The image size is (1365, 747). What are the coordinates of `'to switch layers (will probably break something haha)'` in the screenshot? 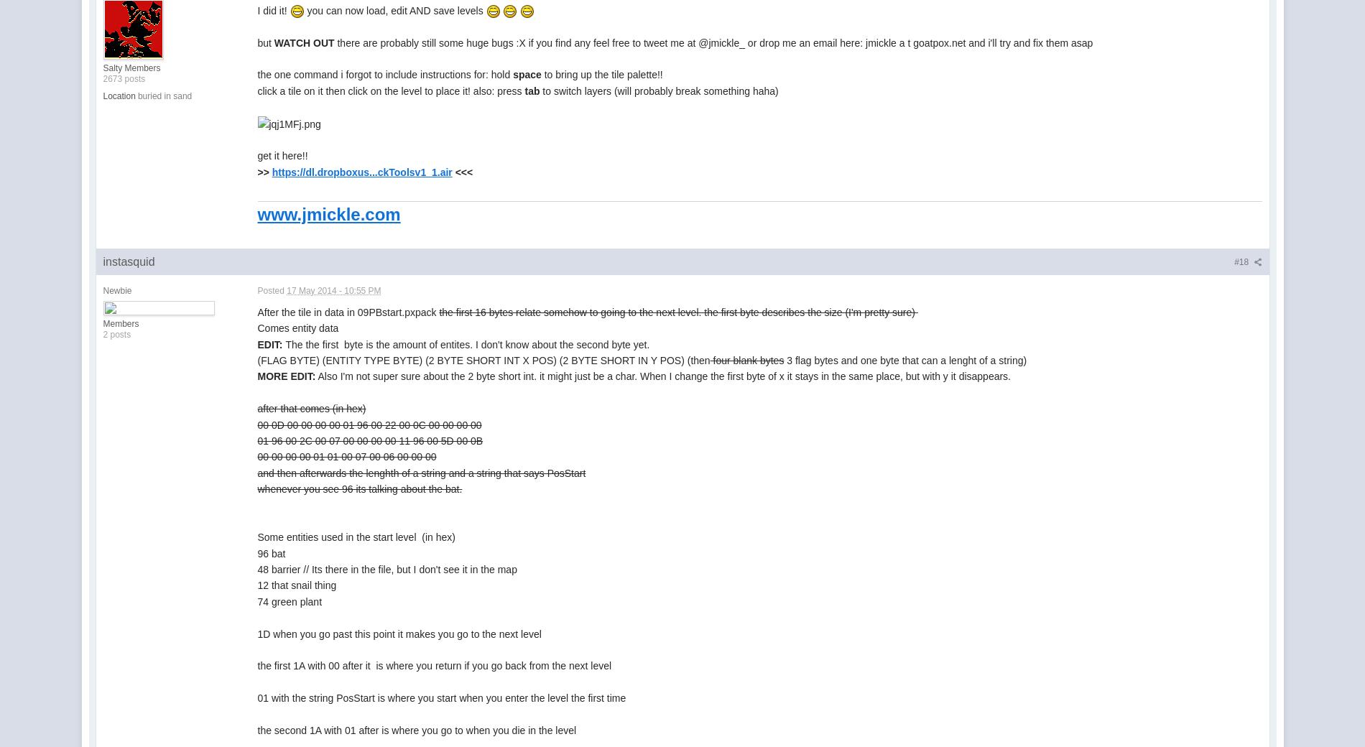 It's located at (657, 90).